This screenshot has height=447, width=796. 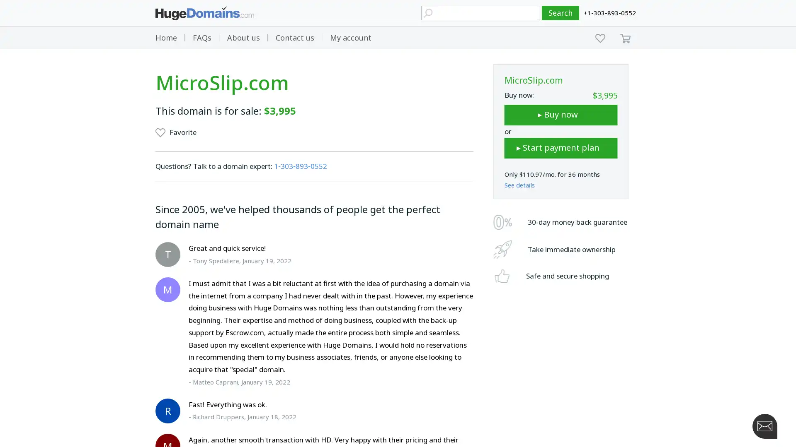 What do you see at coordinates (561, 13) in the screenshot?
I see `Search` at bounding box center [561, 13].